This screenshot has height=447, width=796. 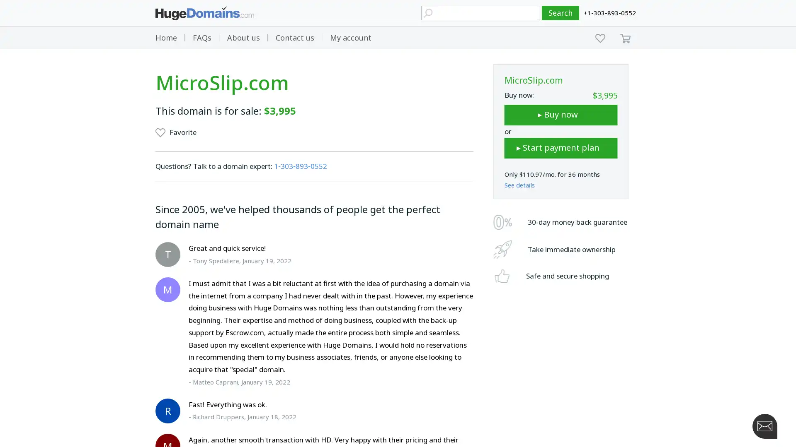 What do you see at coordinates (561, 13) in the screenshot?
I see `Search` at bounding box center [561, 13].